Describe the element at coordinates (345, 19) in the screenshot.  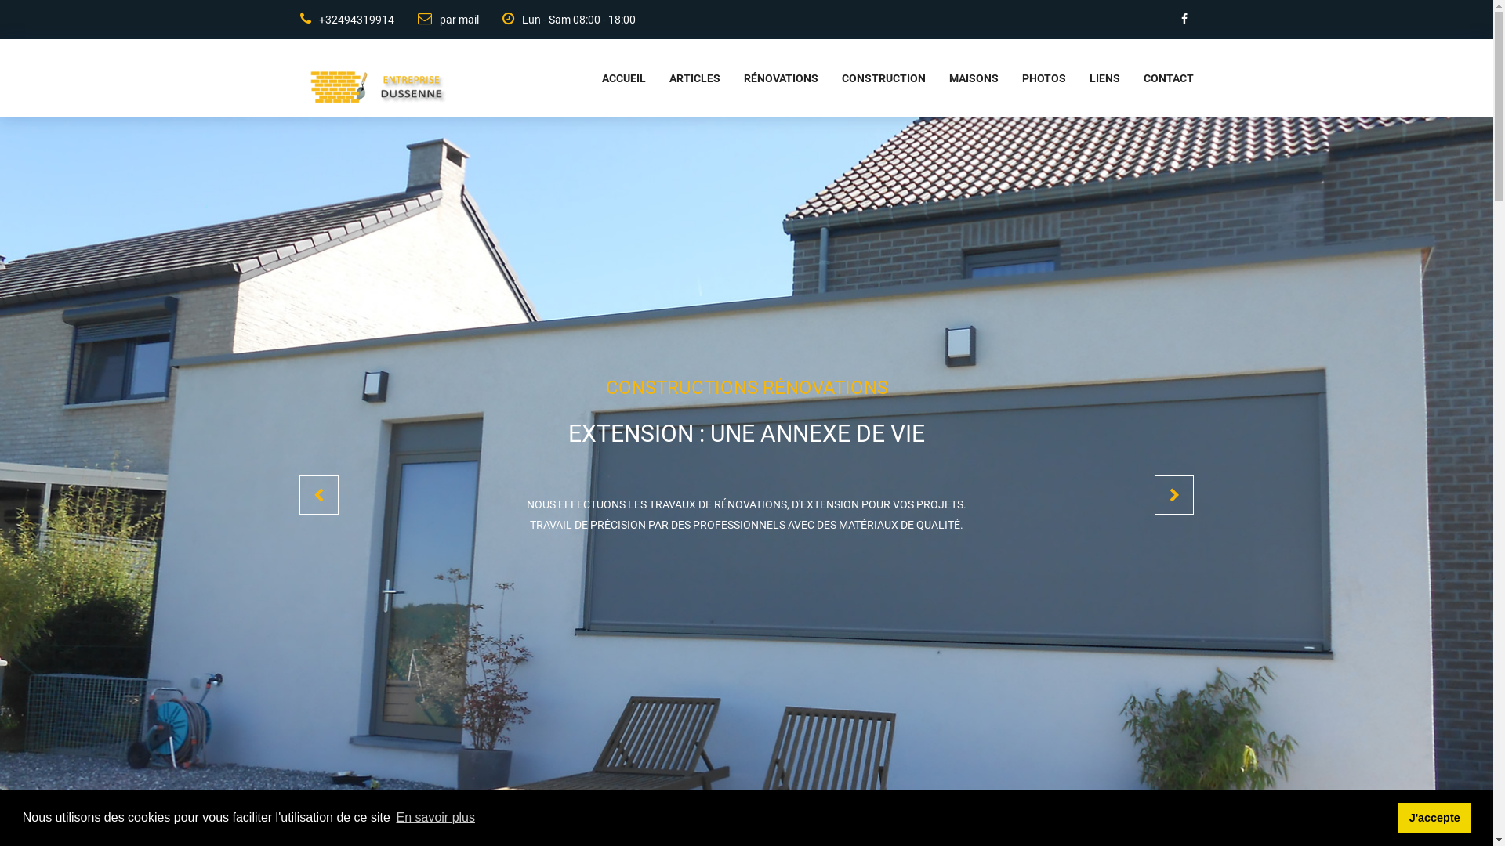
I see `'+32494319914'` at that location.